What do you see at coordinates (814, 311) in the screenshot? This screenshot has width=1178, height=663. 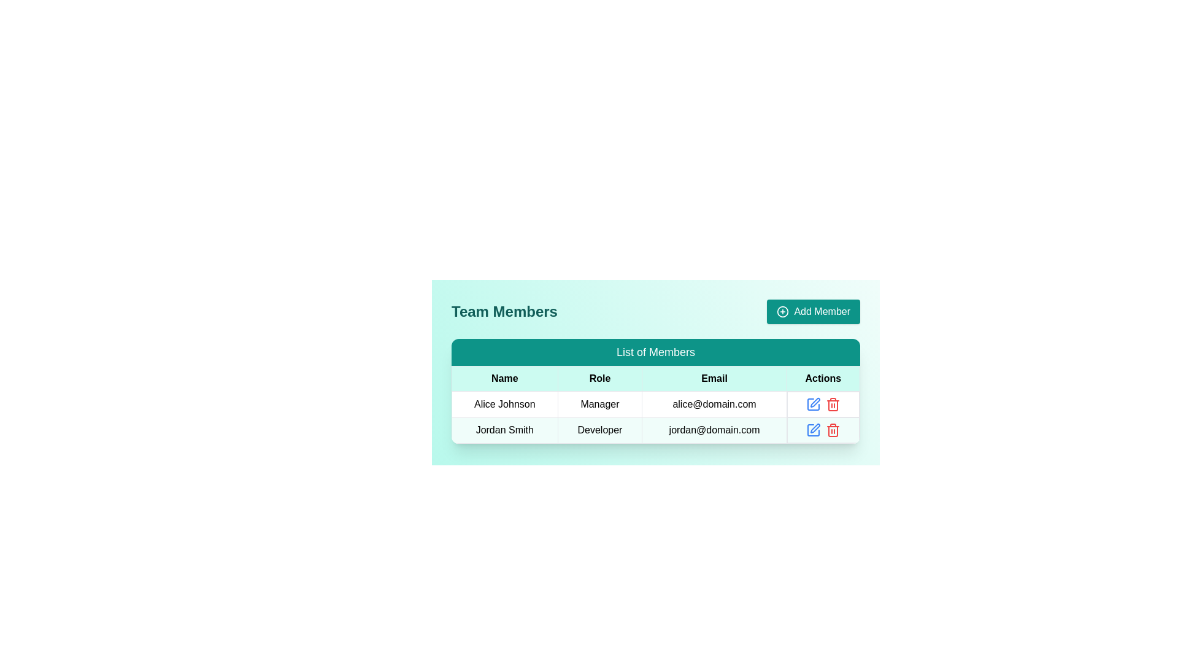 I see `the 'Add Member' button located in the upper right section of the layout, styled with a teal background and white text` at bounding box center [814, 311].